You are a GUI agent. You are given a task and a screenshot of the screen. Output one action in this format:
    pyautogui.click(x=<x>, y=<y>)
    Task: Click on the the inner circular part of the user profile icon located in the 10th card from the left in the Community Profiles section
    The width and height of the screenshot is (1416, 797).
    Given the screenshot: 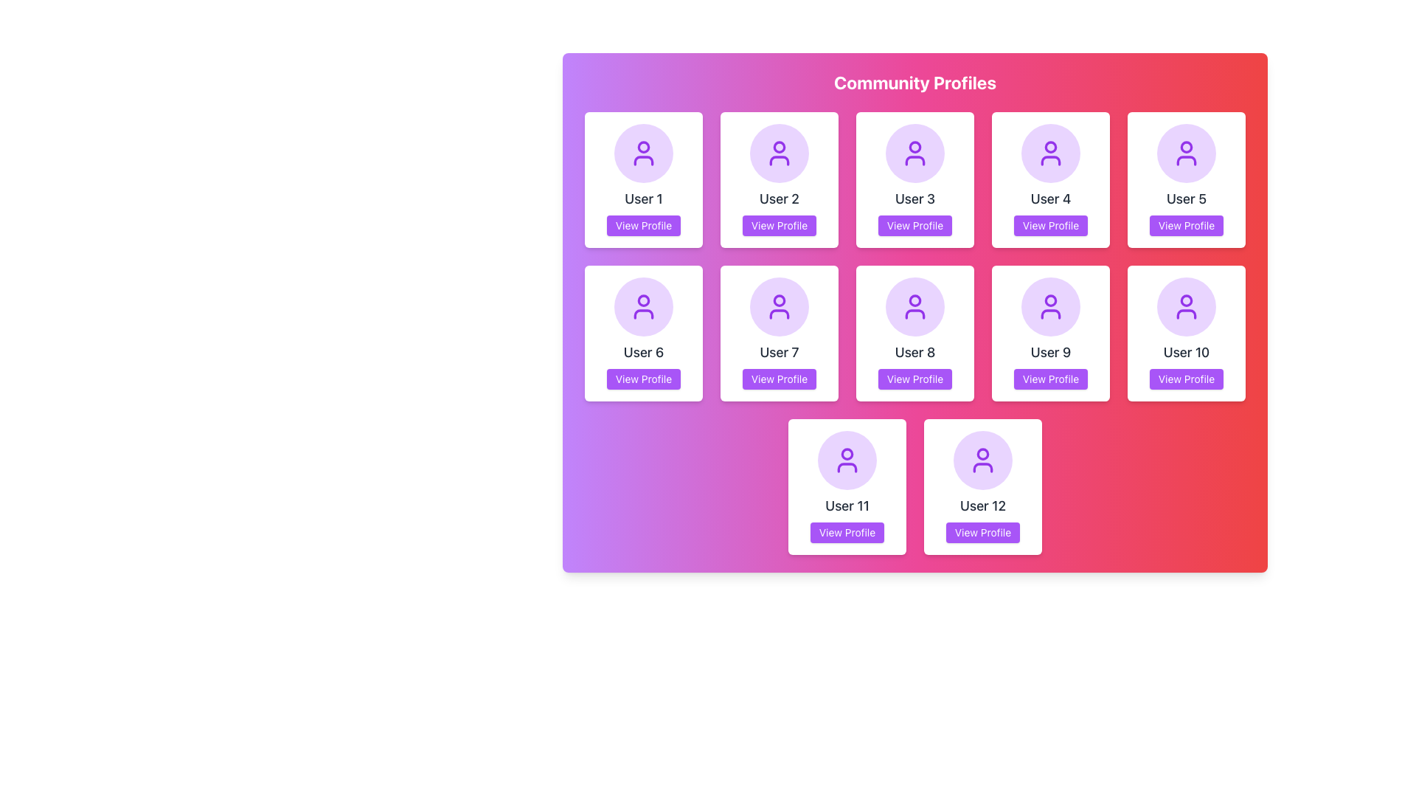 What is the action you would take?
    pyautogui.click(x=1186, y=300)
    